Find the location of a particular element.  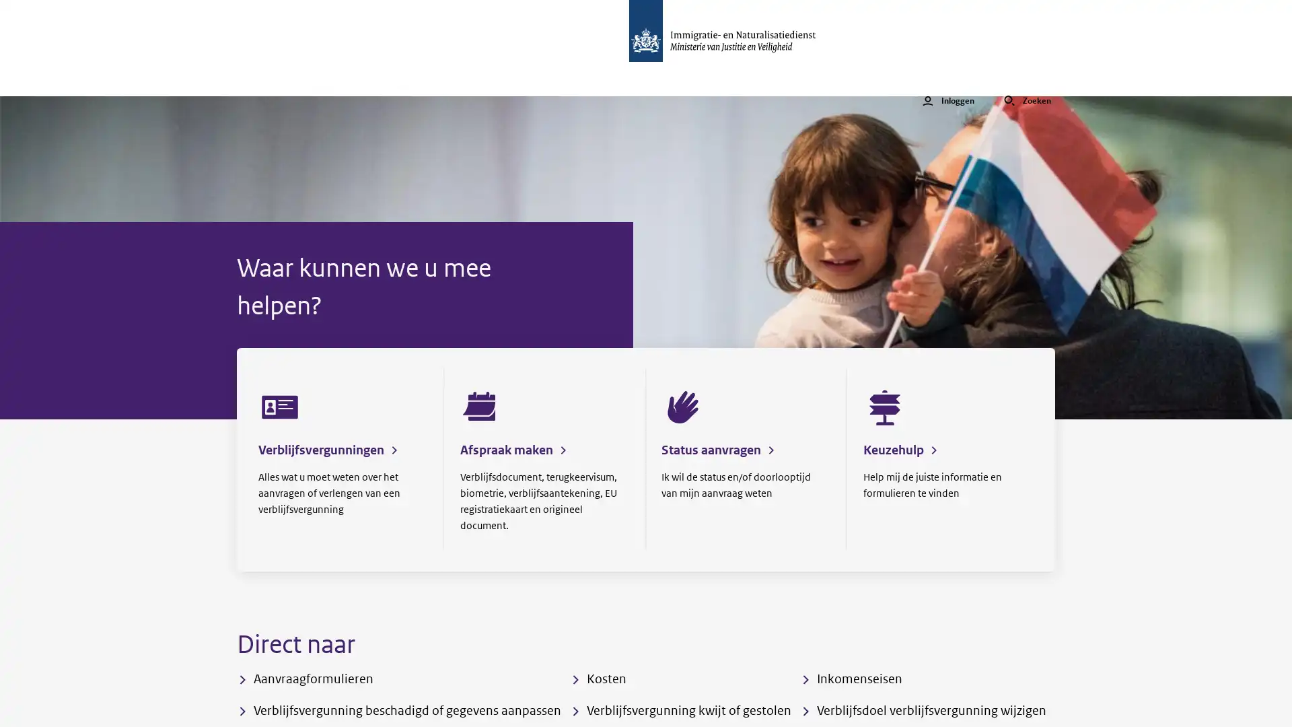

Over ons is located at coordinates (524, 79).